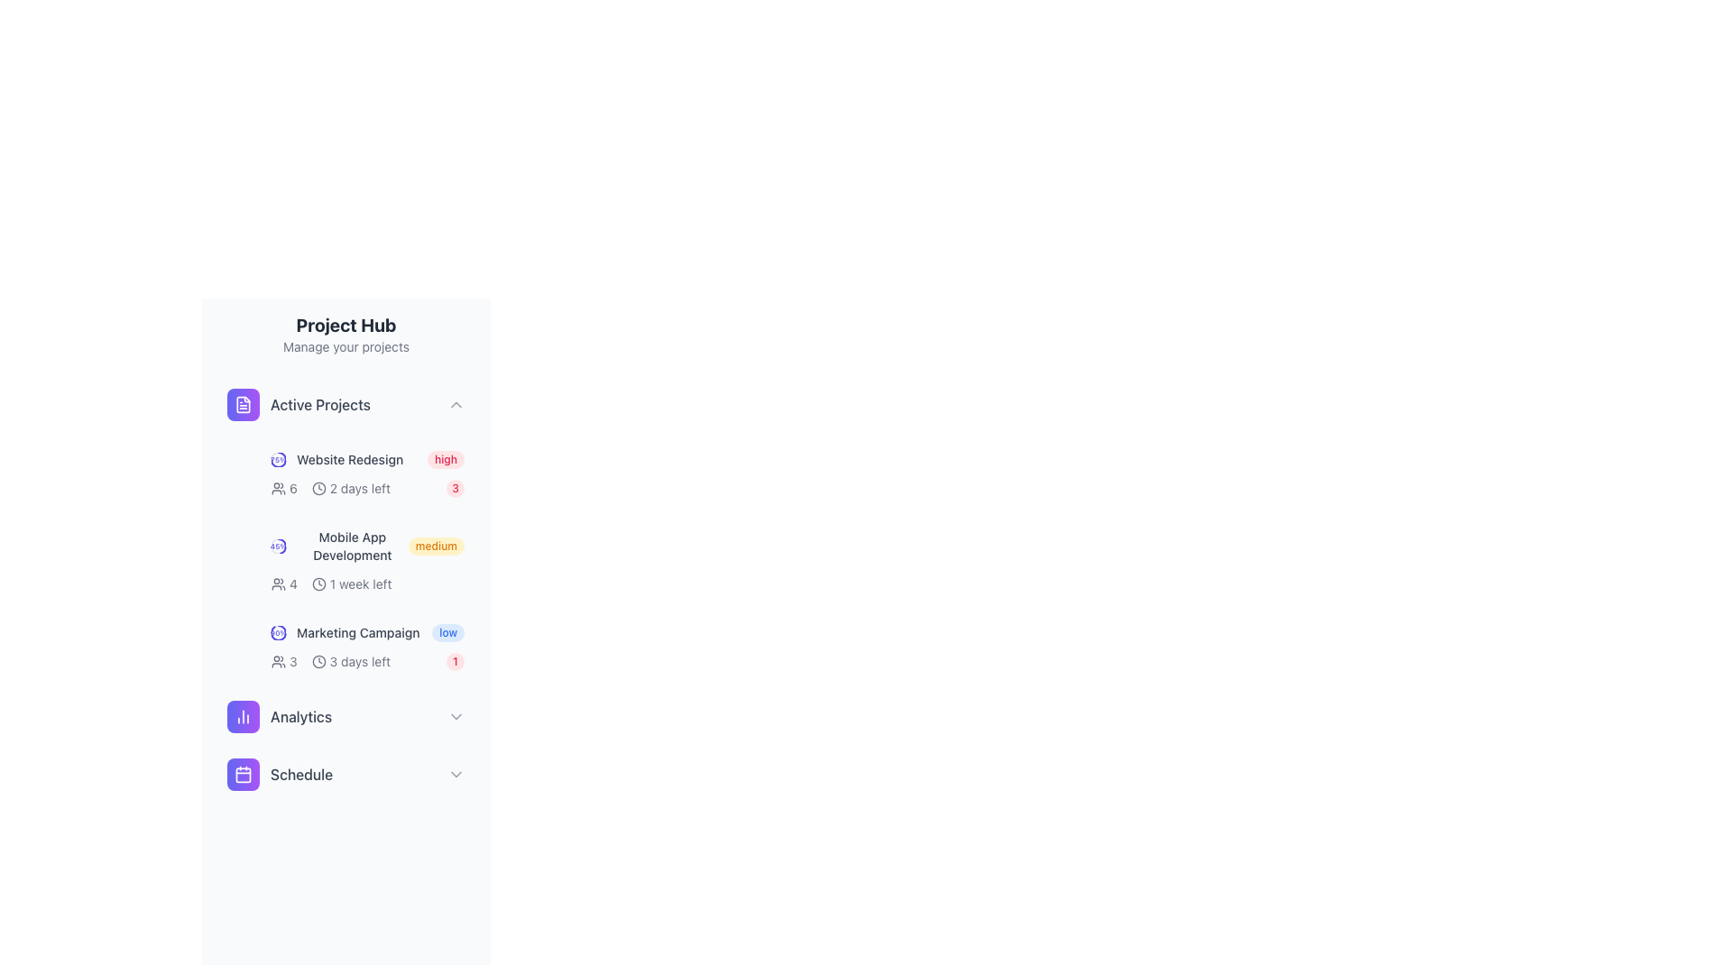 The image size is (1732, 974). Describe the element at coordinates (337, 458) in the screenshot. I see `the first list item in the 'Active Projects' section, which features a circular icon displaying '75%' and the text 'Website Redesign'` at that location.